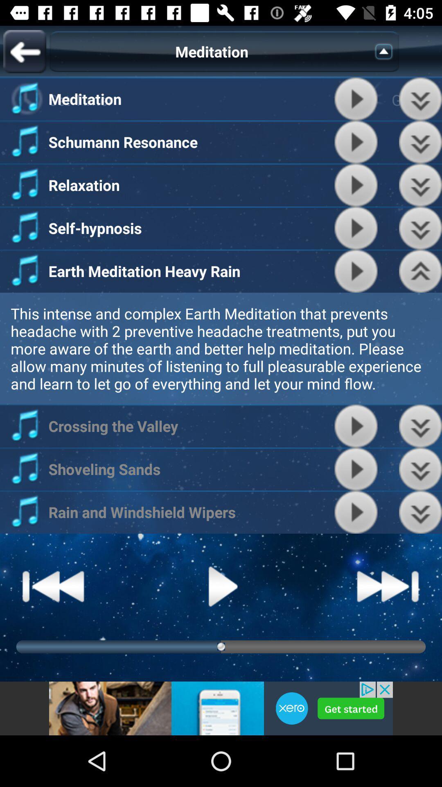  Describe the element at coordinates (420, 98) in the screenshot. I see `next` at that location.